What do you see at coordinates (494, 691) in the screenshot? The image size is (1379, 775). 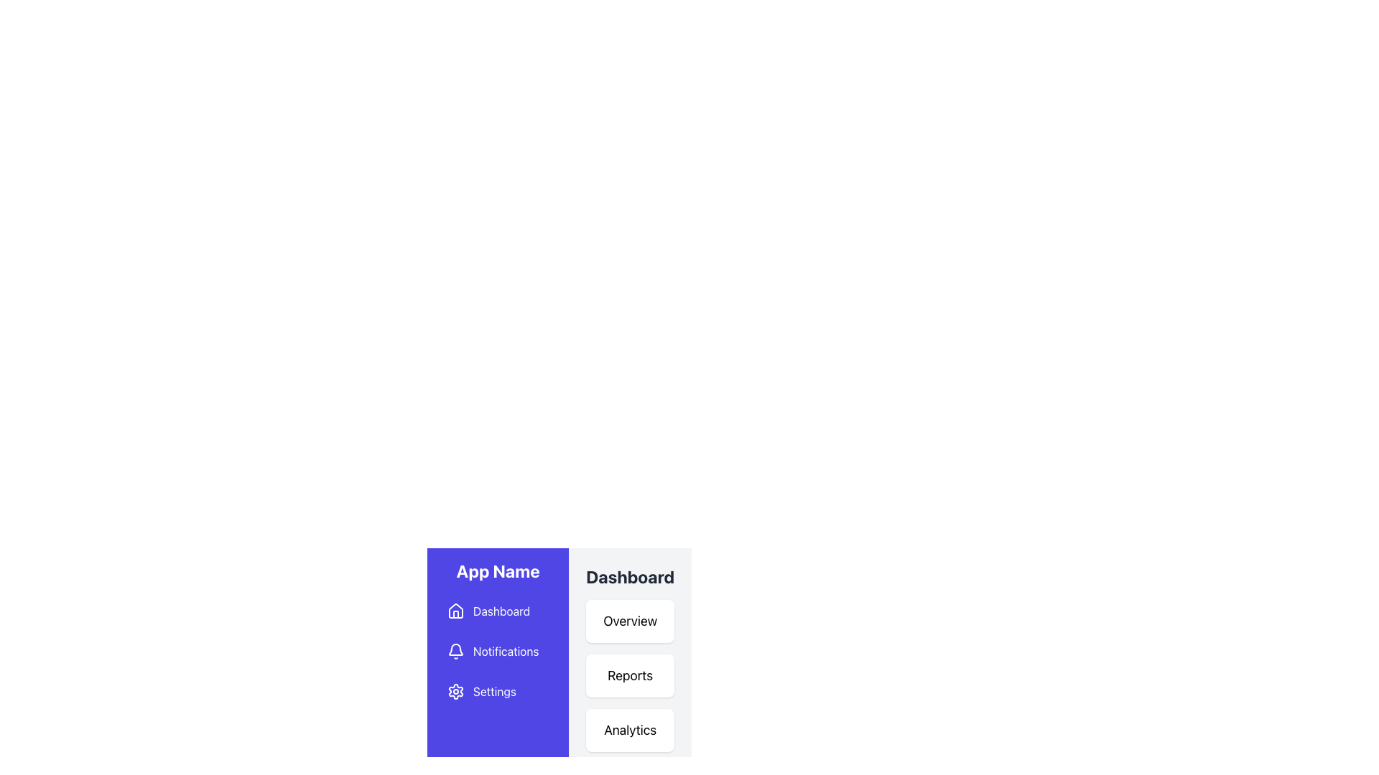 I see `the 'Settings' text label located in the blue sidebar menu, which is positioned to the right of a gear icon and below the 'Notifications' item` at bounding box center [494, 691].